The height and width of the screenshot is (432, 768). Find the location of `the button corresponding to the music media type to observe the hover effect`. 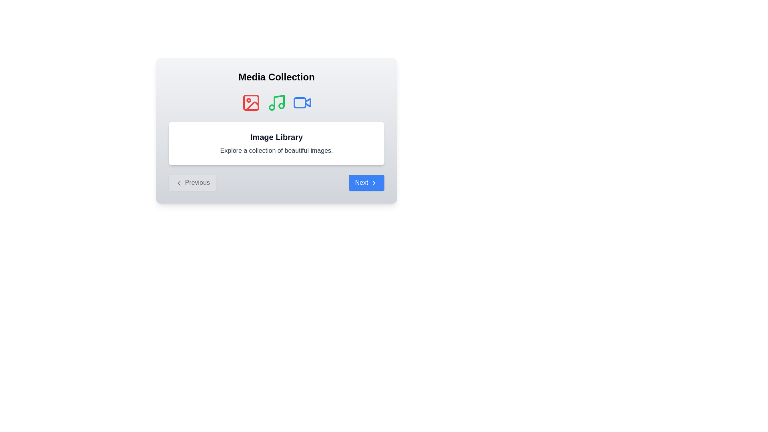

the button corresponding to the music media type to observe the hover effect is located at coordinates (276, 102).